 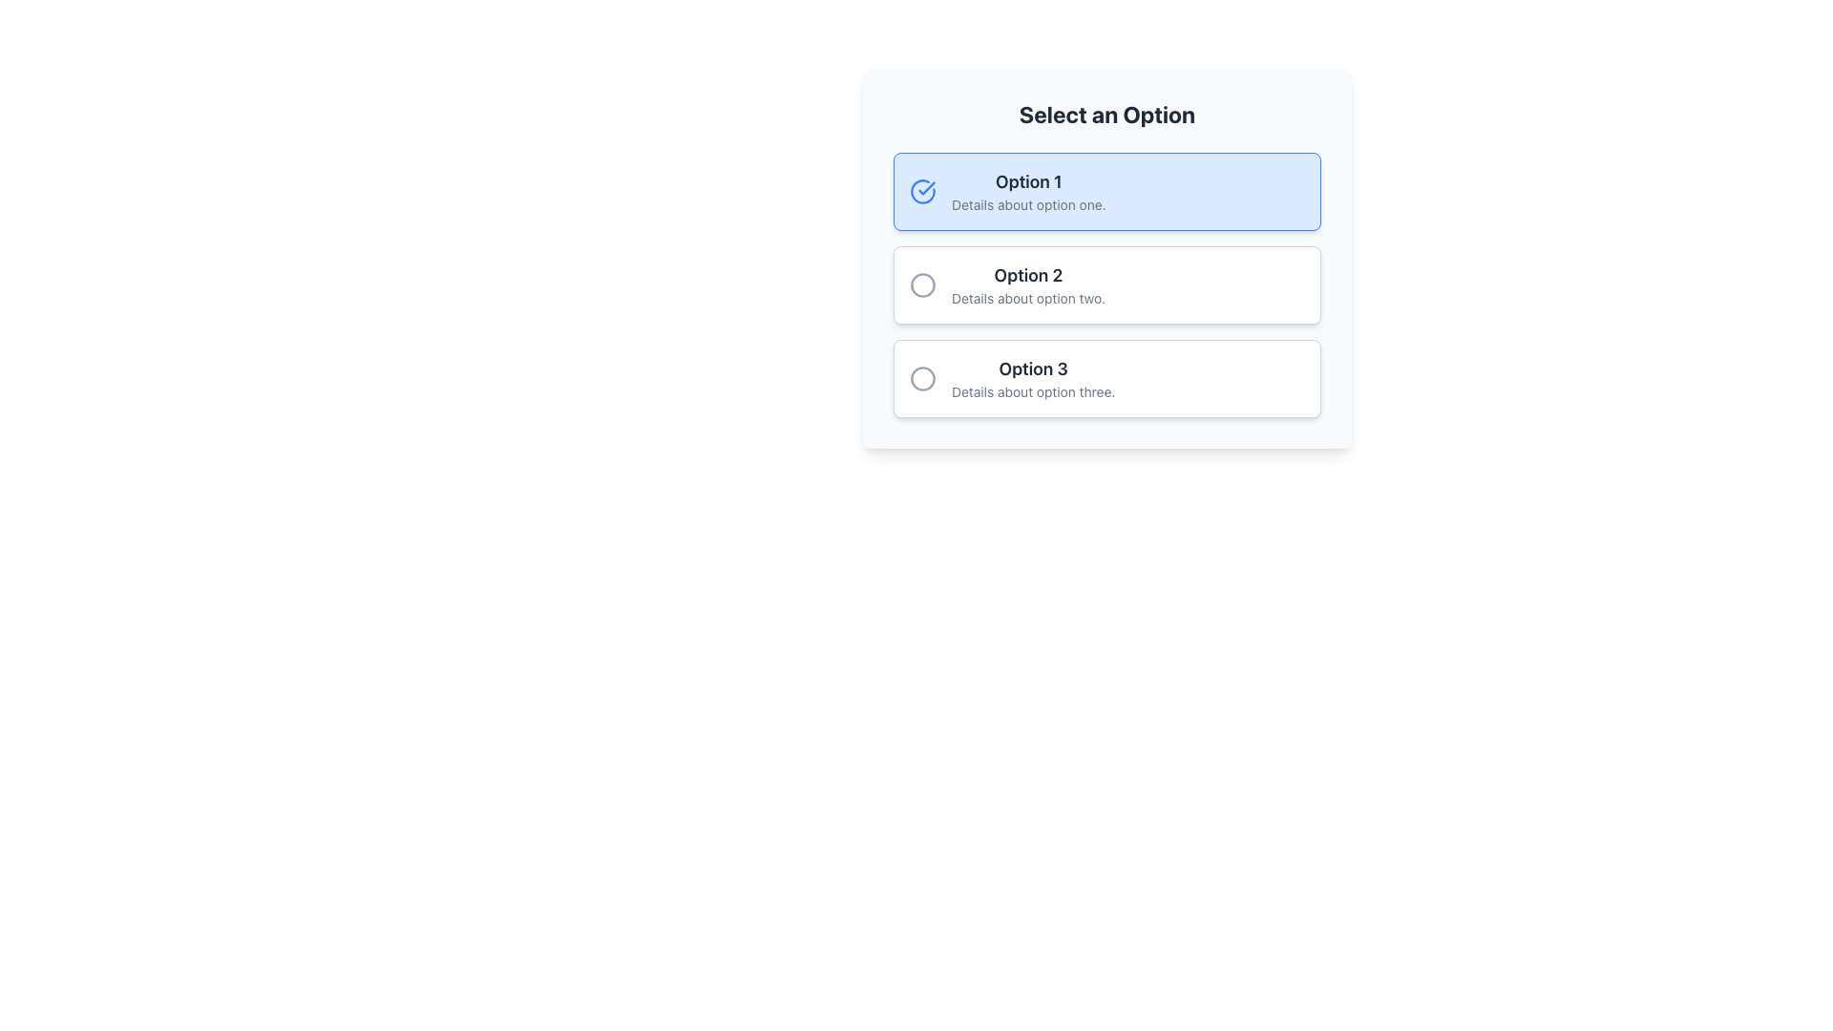 What do you see at coordinates (1107, 114) in the screenshot?
I see `text from the title label displaying 'Select an Option', which is bold and large, positioned at the top of the options list` at bounding box center [1107, 114].